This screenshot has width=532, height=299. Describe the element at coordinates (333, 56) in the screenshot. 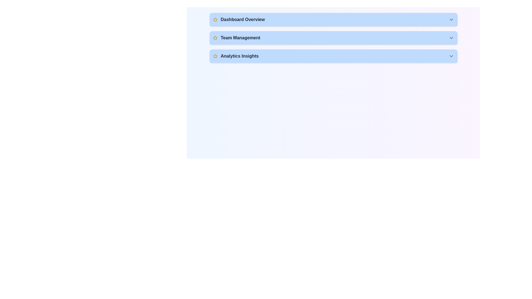

I see `keyboard navigation` at that location.